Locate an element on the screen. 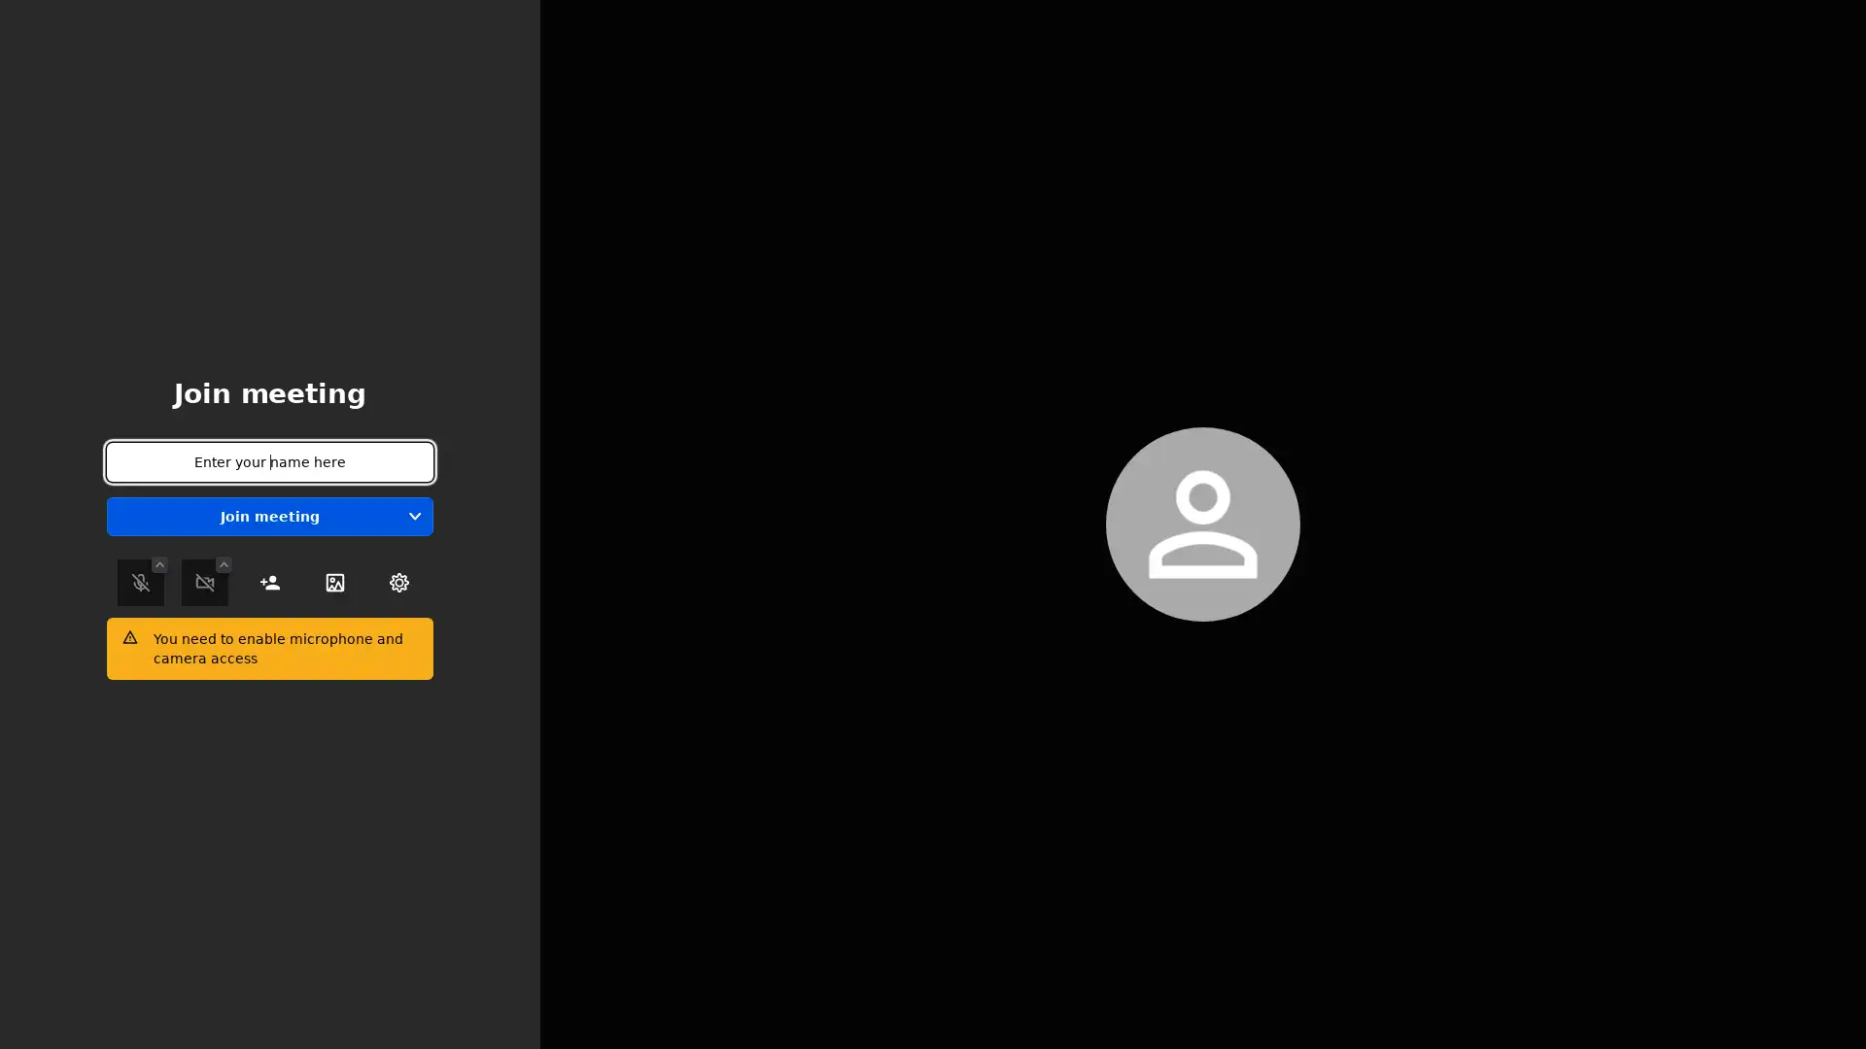  Start / Stop camera is located at coordinates (205, 582).